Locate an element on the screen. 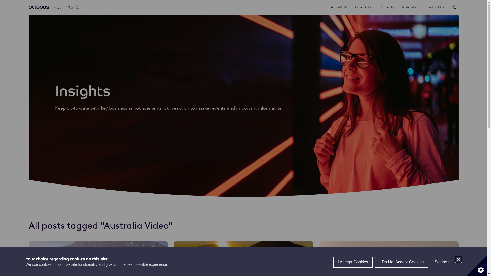 This screenshot has width=491, height=276. 'About' is located at coordinates (331, 7).